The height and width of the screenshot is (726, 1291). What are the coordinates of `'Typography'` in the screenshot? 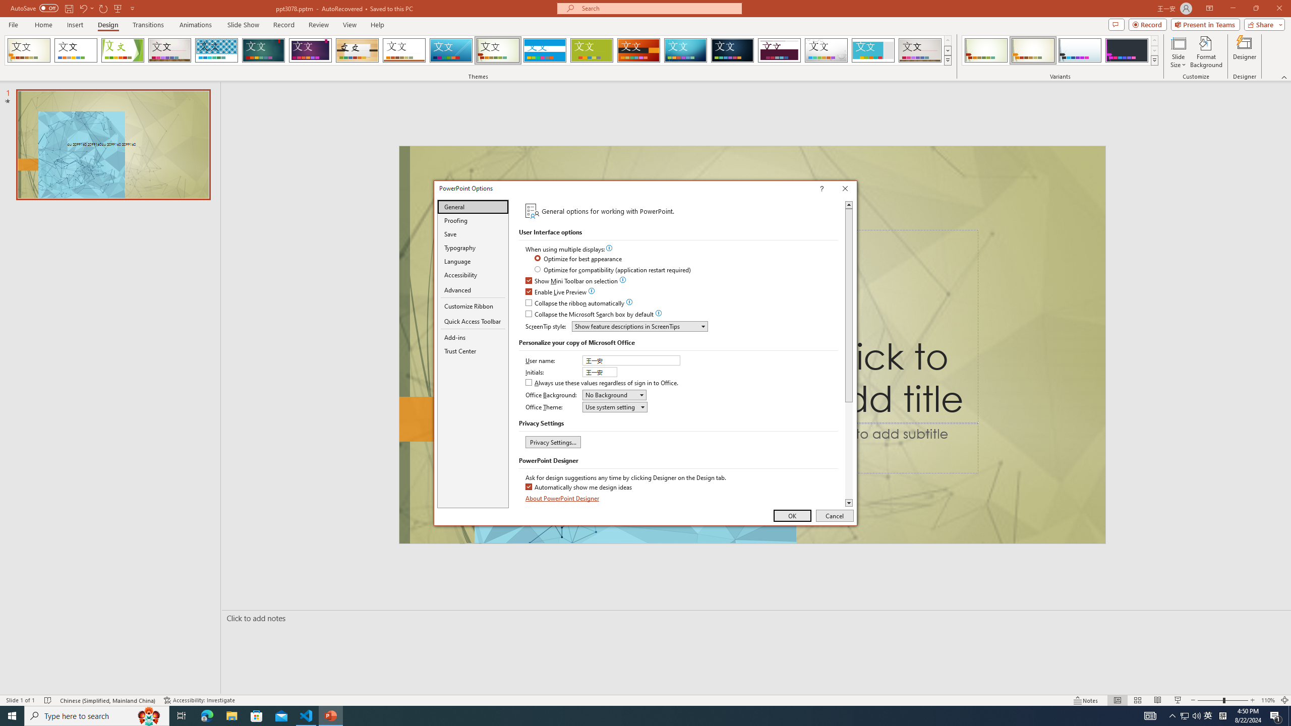 It's located at (473, 247).